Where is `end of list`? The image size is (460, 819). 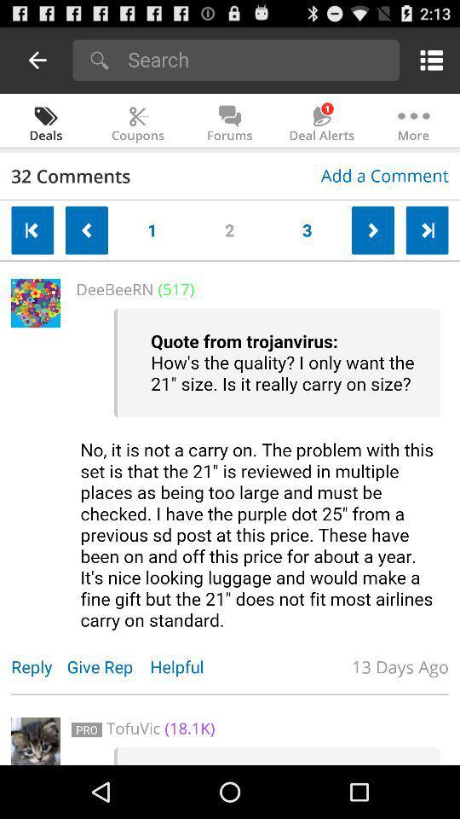 end of list is located at coordinates (426, 229).